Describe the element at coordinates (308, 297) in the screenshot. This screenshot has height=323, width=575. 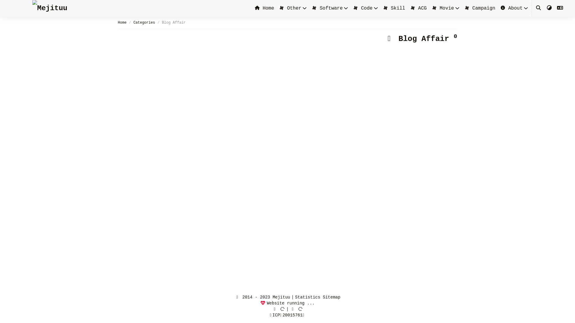
I see `'Statistics'` at that location.